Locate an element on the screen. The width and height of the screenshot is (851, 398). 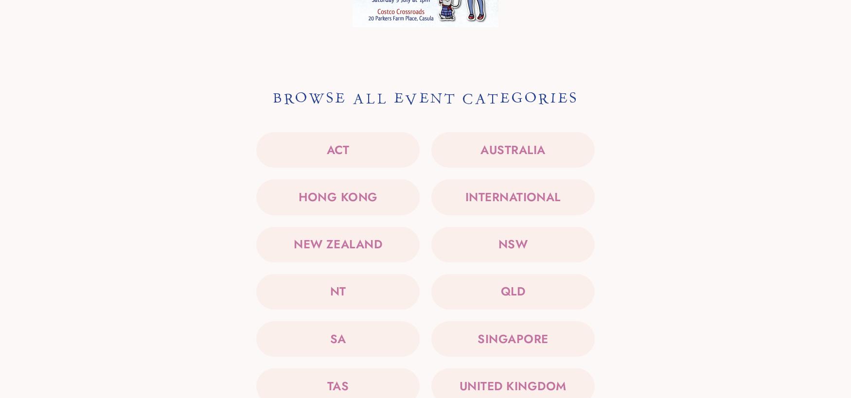
'SA' is located at coordinates (337, 338).